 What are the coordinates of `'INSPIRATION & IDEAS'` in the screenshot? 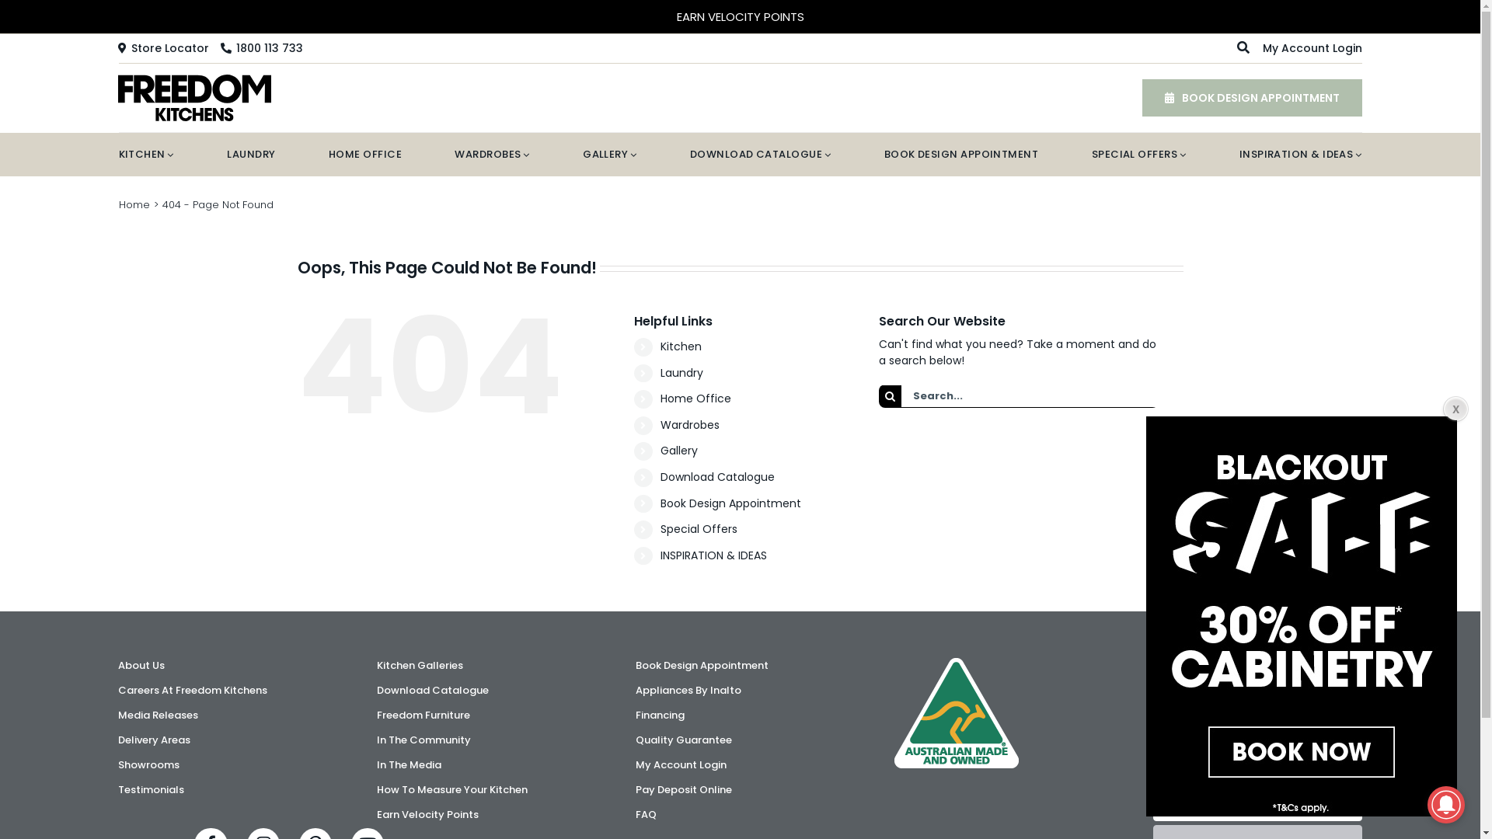 It's located at (660, 554).